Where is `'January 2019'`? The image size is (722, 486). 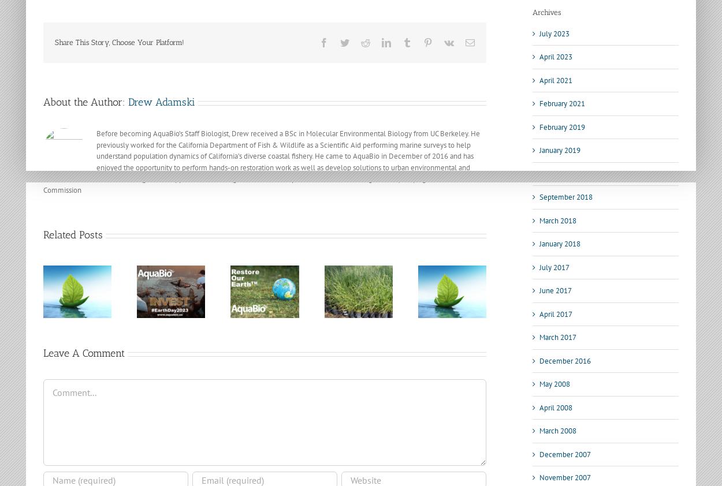 'January 2019' is located at coordinates (559, 150).